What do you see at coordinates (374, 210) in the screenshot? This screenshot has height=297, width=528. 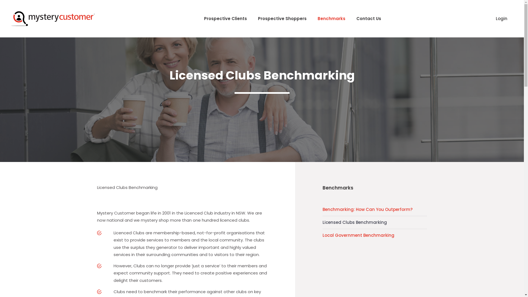 I see `'Benchmarking: How Can You Outperform?'` at bounding box center [374, 210].